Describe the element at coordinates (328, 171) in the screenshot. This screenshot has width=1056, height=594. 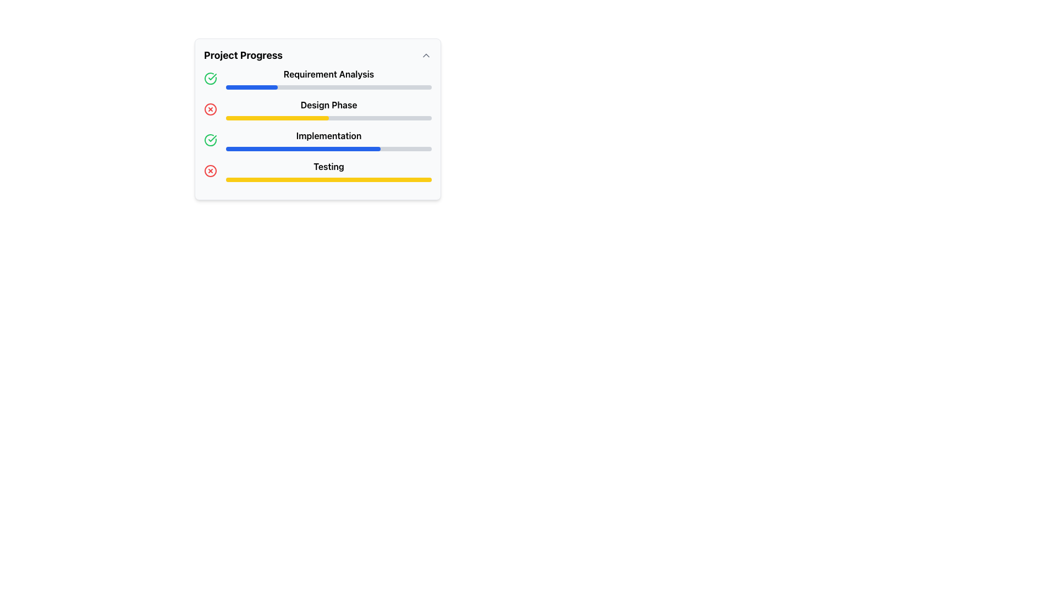
I see `the 'Testing' text label in the progress indicator` at that location.